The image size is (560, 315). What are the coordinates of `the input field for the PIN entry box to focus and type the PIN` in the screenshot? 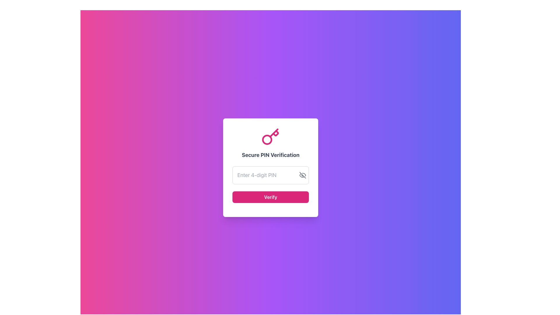 It's located at (270, 167).